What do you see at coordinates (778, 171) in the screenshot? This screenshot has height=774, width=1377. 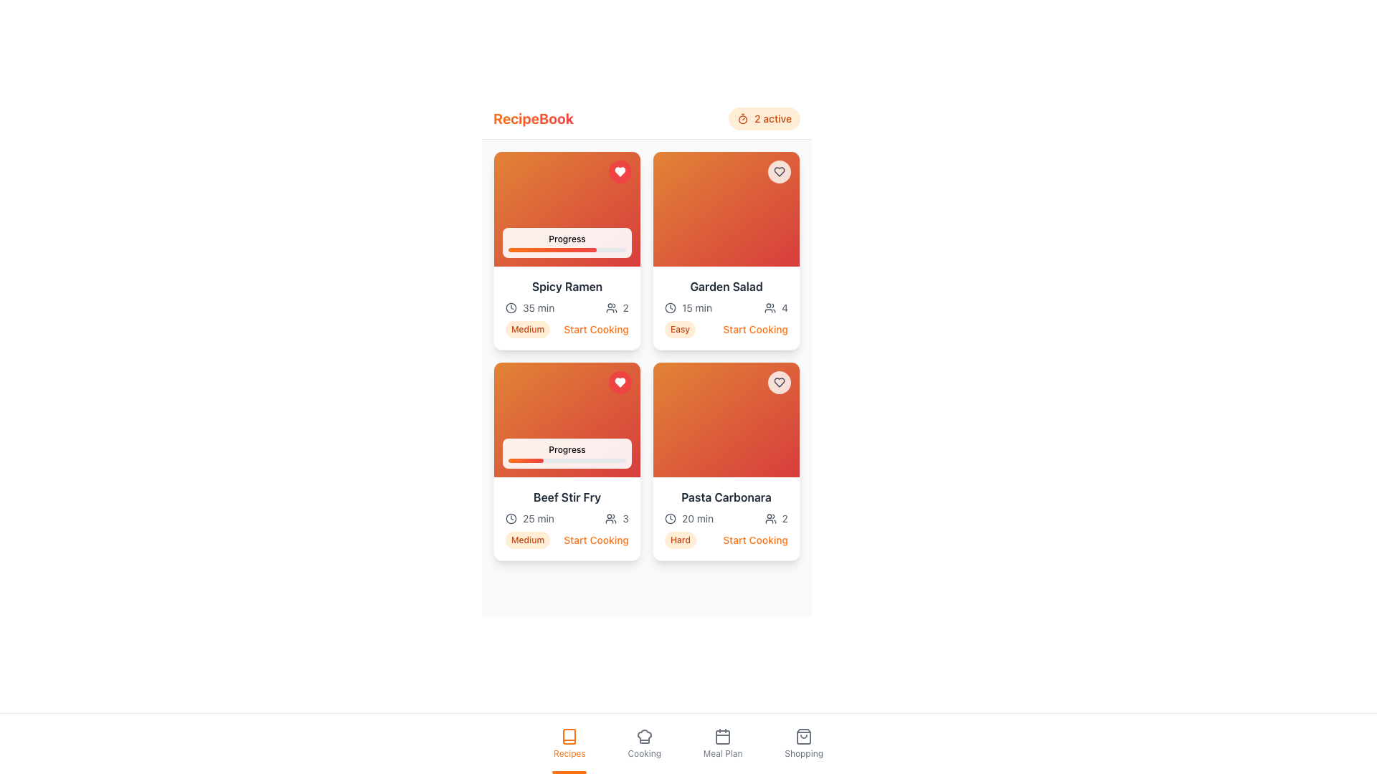 I see `the small rounded circular button with a dark gray heart icon in the top-right corner of the 'Garden Salad' card to mark the item as favorite` at bounding box center [778, 171].